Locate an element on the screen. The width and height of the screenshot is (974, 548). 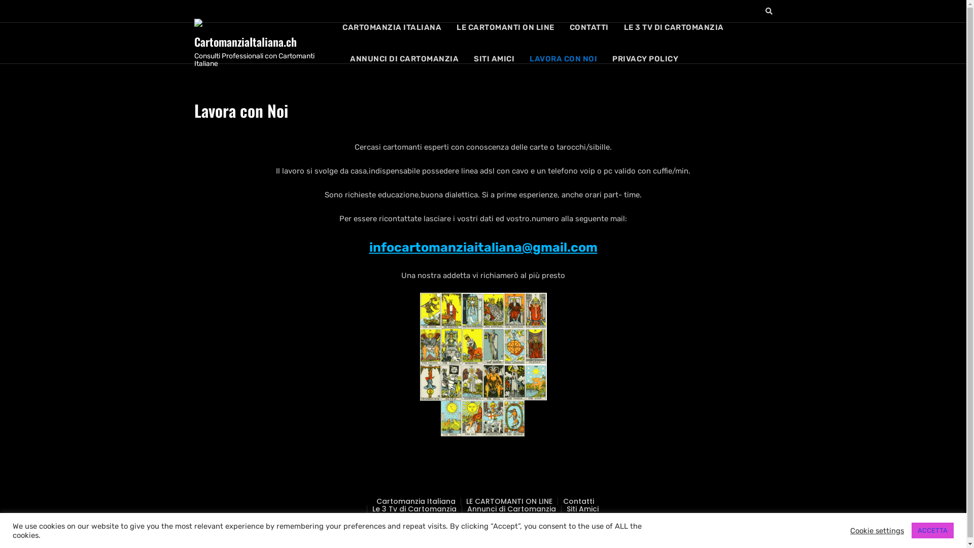
'PRIVACY POLICY' is located at coordinates (645, 59).